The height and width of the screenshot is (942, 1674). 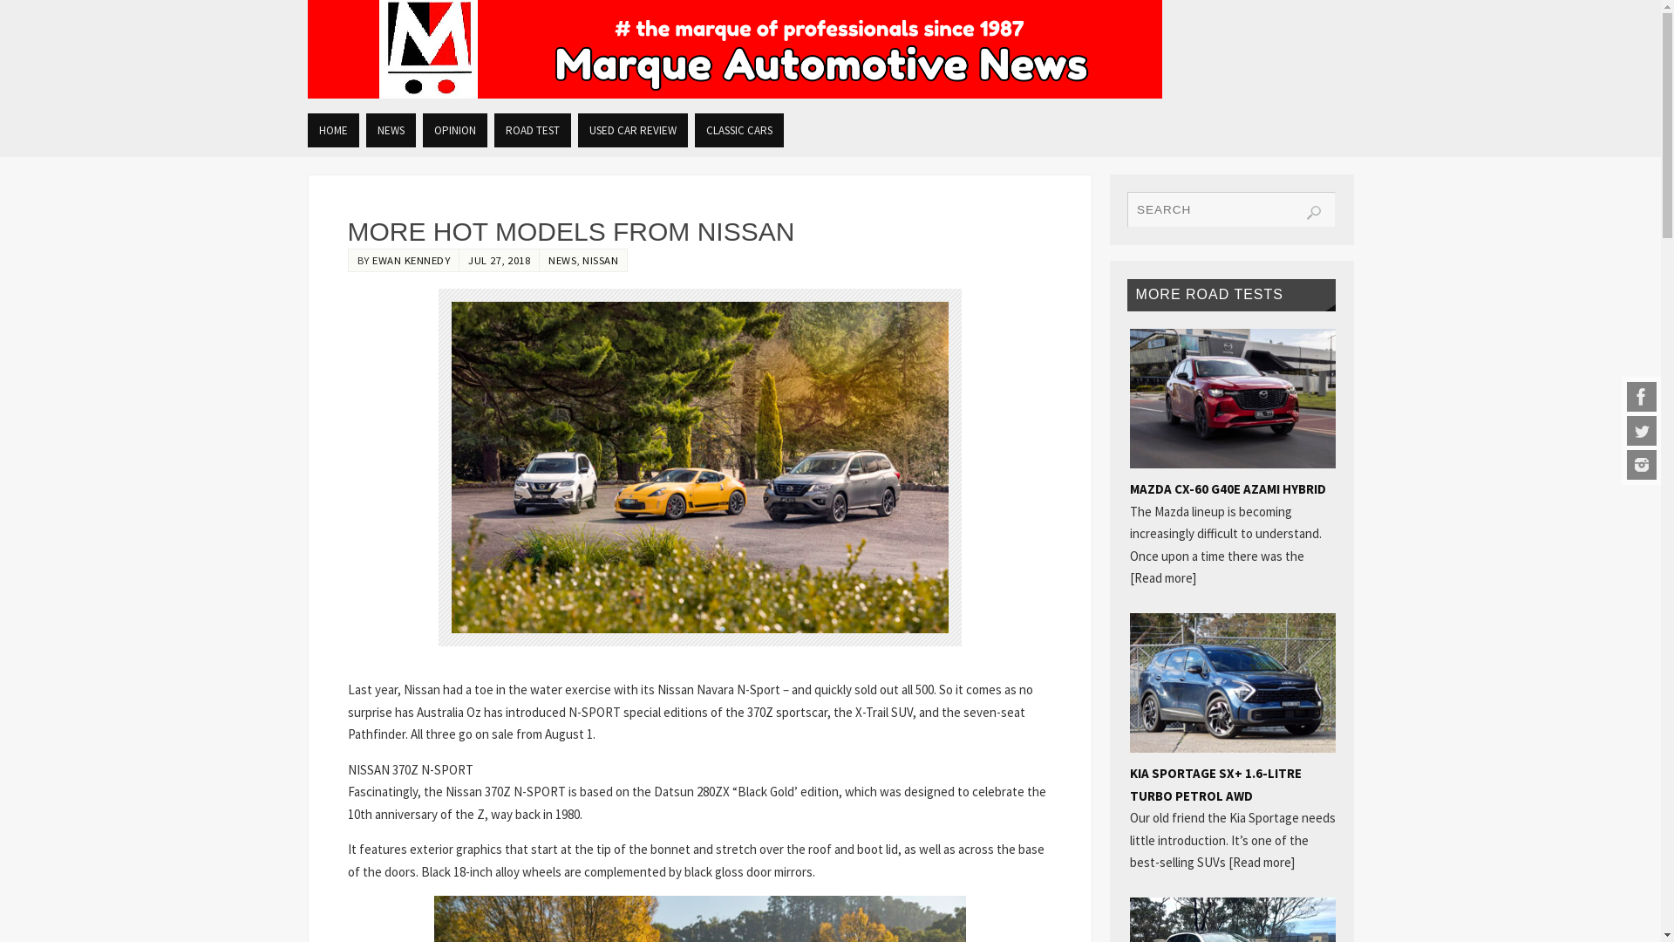 I want to click on 'Instagram', so click(x=1640, y=463).